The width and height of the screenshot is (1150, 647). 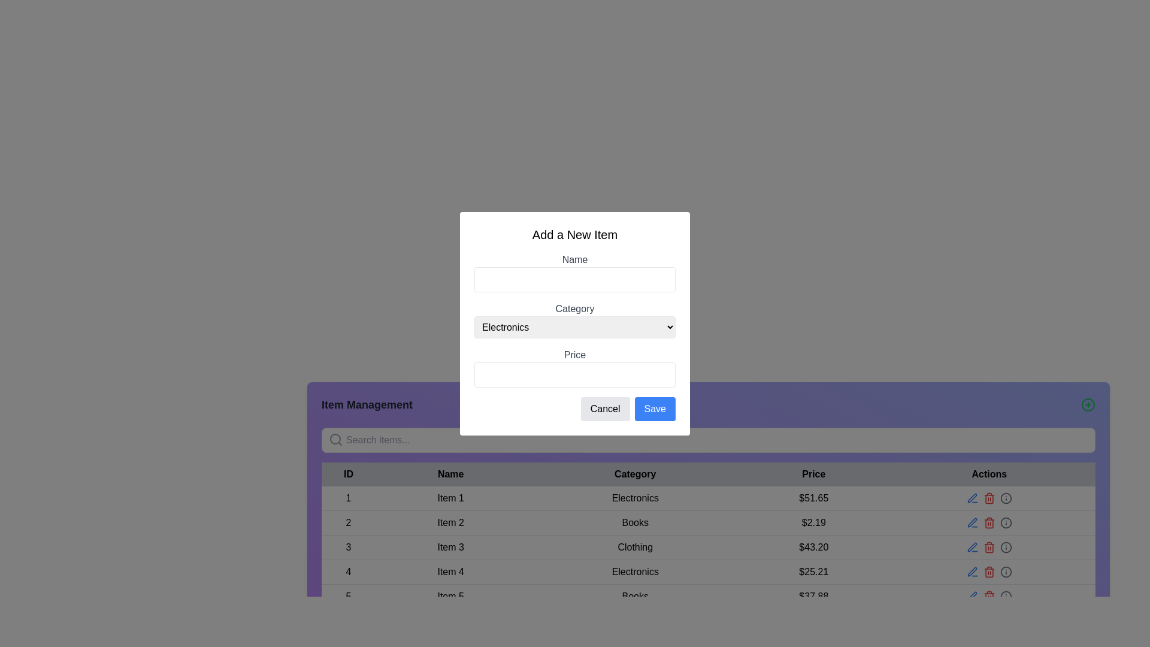 I want to click on the text label that represents the ID of the first item in the table, located at the top of the 'ID' column in row 1, so click(x=347, y=498).